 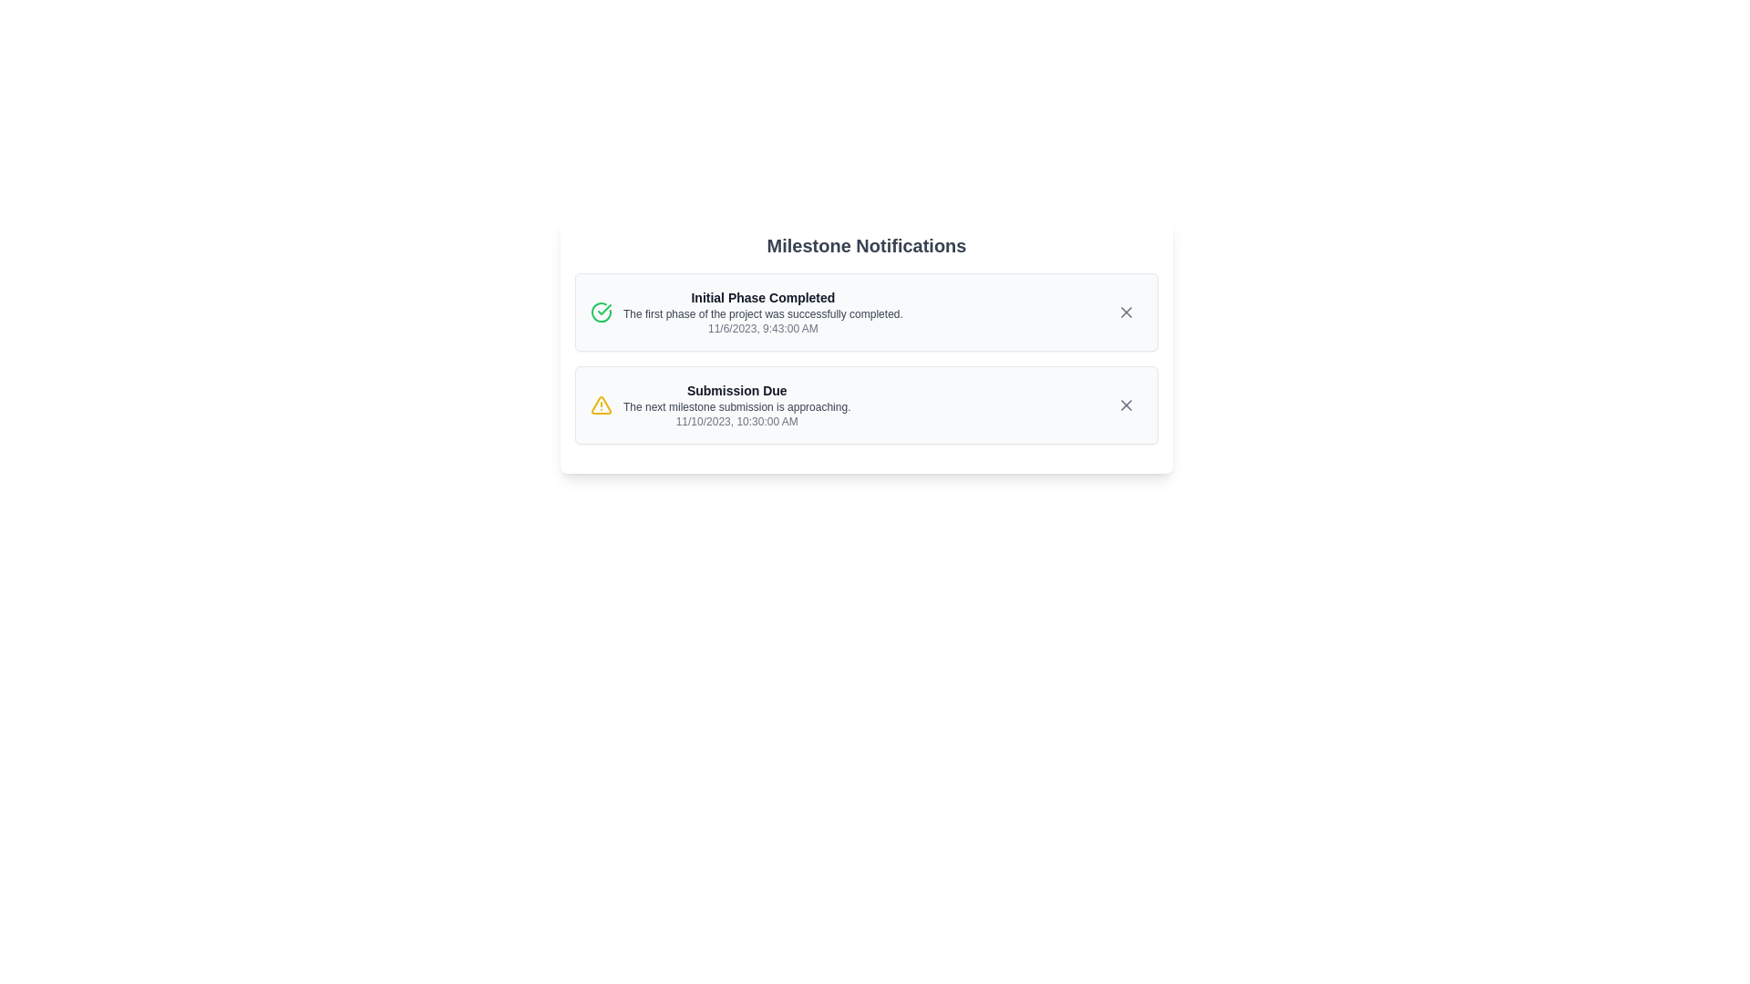 I want to click on the icon associated with the milestone type to inspect it, so click(x=602, y=312).